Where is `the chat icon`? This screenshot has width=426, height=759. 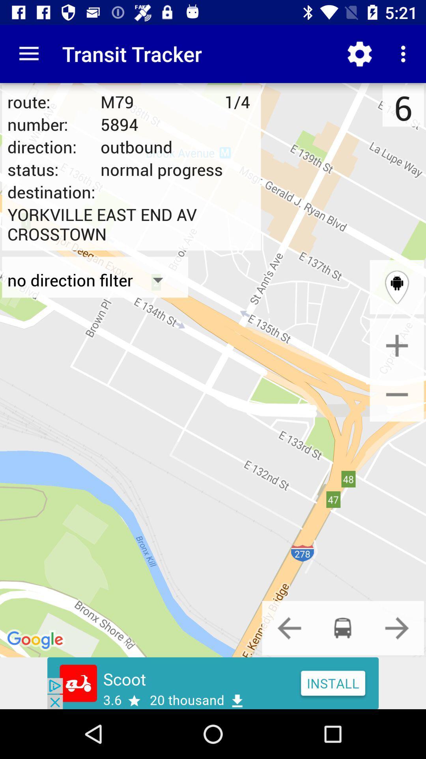 the chat icon is located at coordinates (342, 627).